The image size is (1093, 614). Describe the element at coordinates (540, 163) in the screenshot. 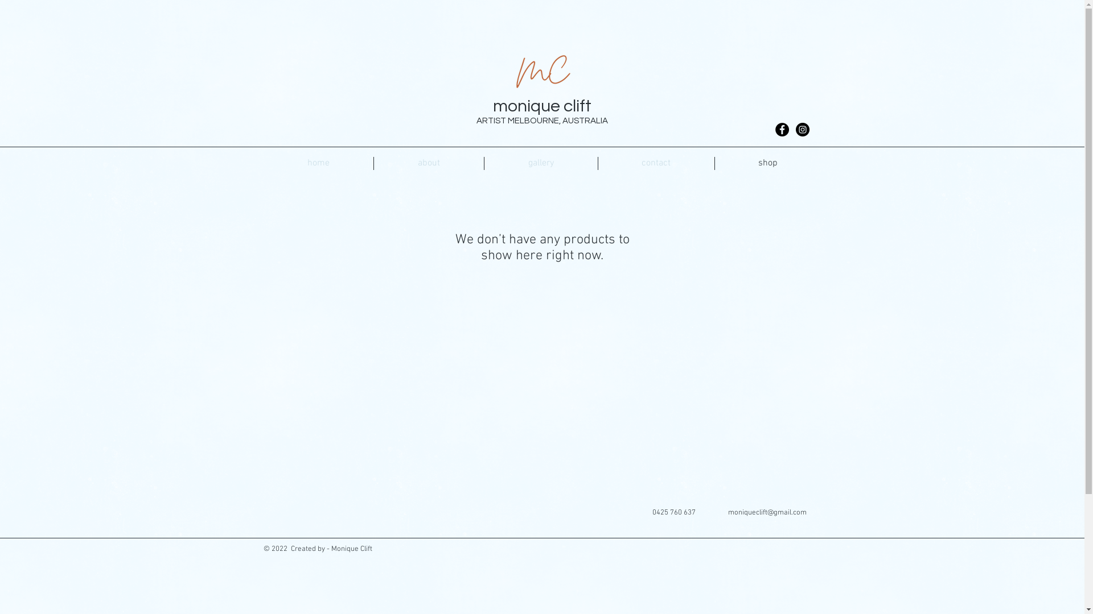

I see `'gallery'` at that location.